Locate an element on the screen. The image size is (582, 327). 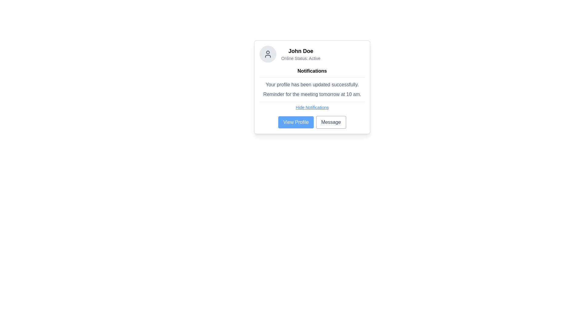
the lower section of the user icon, which is a graphical vector shape within an SVG representing the user-related section is located at coordinates (267, 56).